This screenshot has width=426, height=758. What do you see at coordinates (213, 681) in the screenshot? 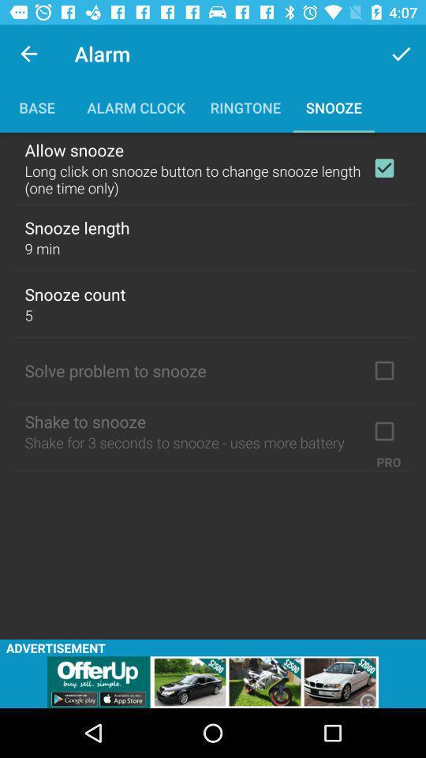
I see `showing the advertisement` at bounding box center [213, 681].